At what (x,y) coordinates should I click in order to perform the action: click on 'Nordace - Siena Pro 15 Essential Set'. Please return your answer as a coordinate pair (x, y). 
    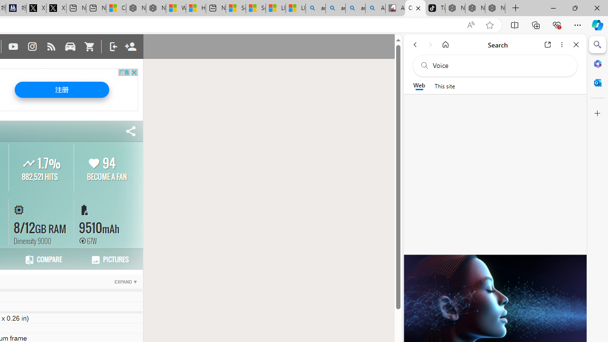
    Looking at the image, I should click on (494, 8).